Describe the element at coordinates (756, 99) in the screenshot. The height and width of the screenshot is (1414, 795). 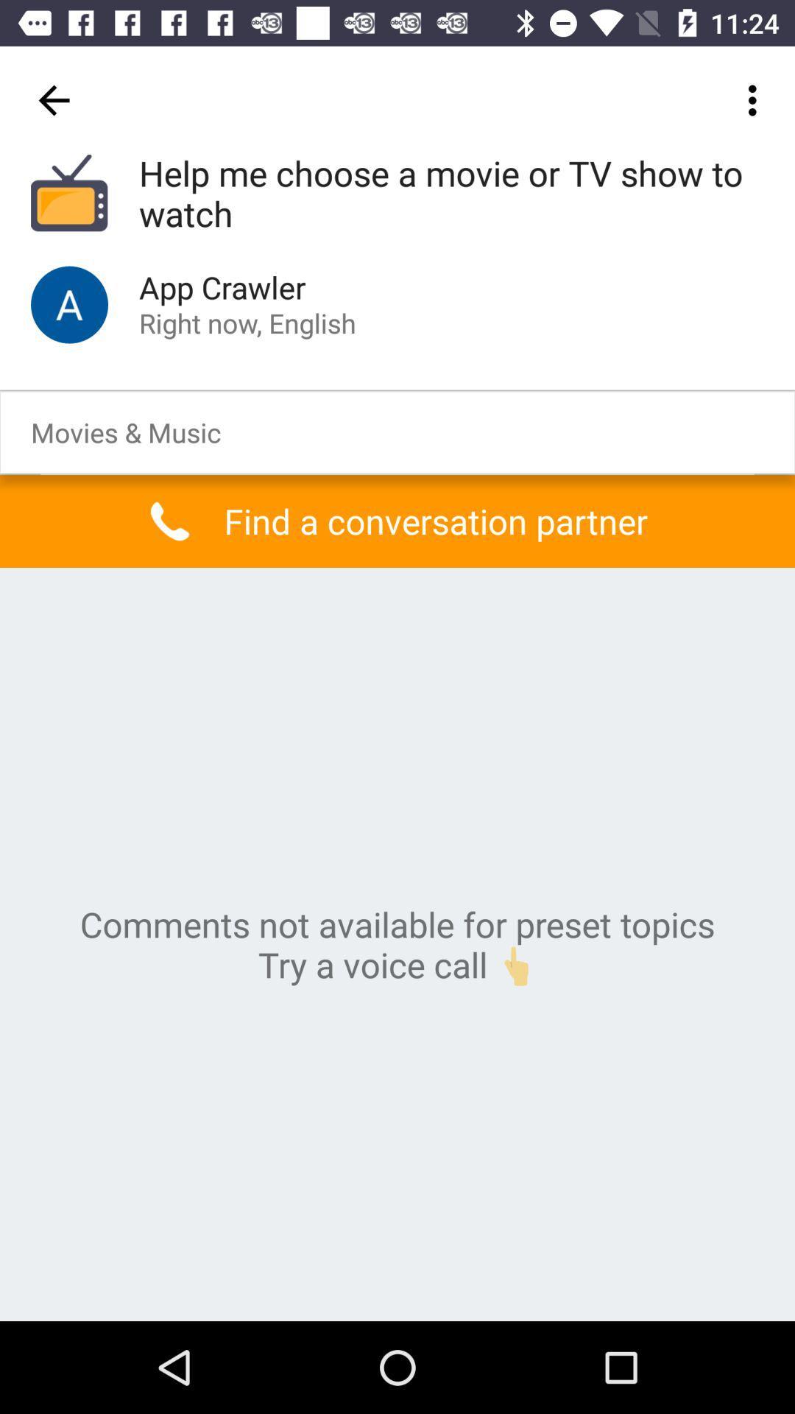
I see `the item at the top right corner` at that location.